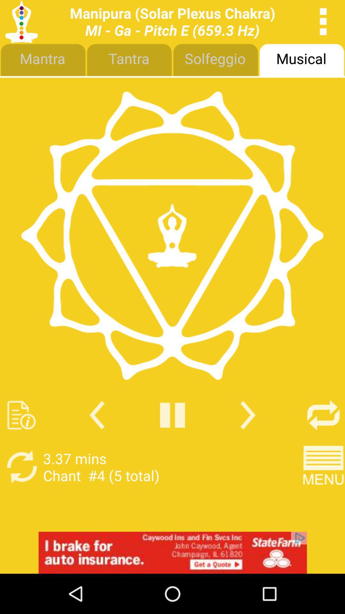 This screenshot has width=345, height=614. I want to click on next, so click(248, 415).